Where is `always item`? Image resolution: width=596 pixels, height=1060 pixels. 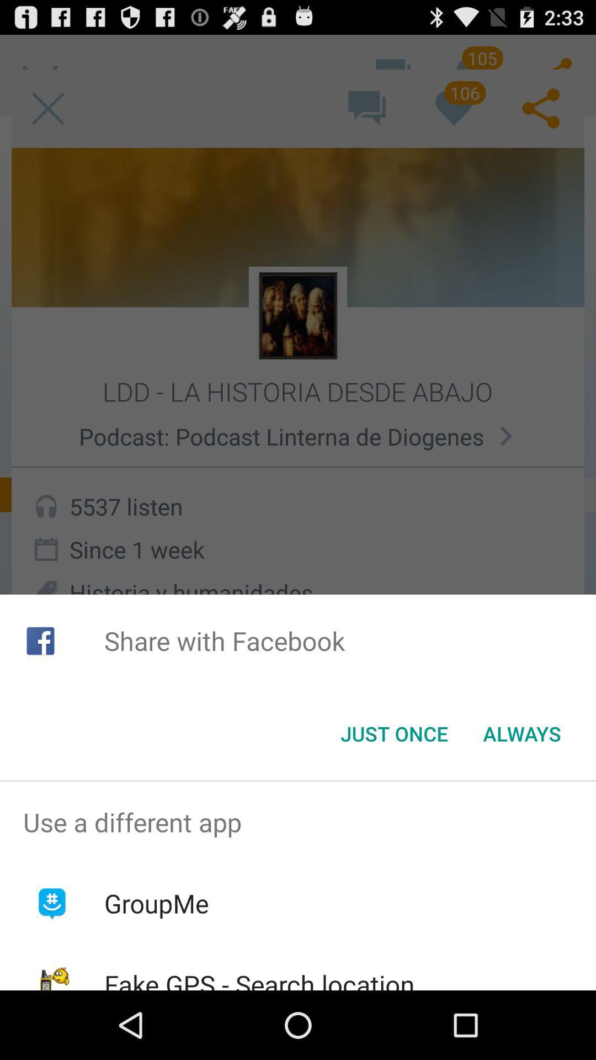
always item is located at coordinates (521, 734).